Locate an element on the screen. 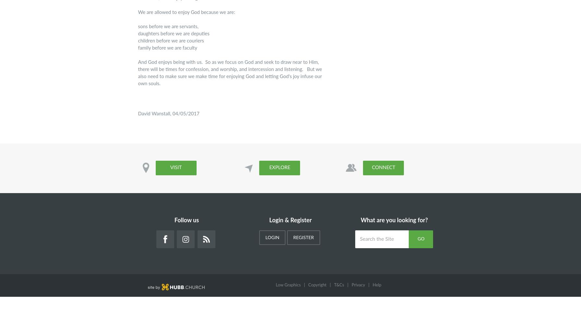 The image size is (581, 324). 'Help' is located at coordinates (372, 285).